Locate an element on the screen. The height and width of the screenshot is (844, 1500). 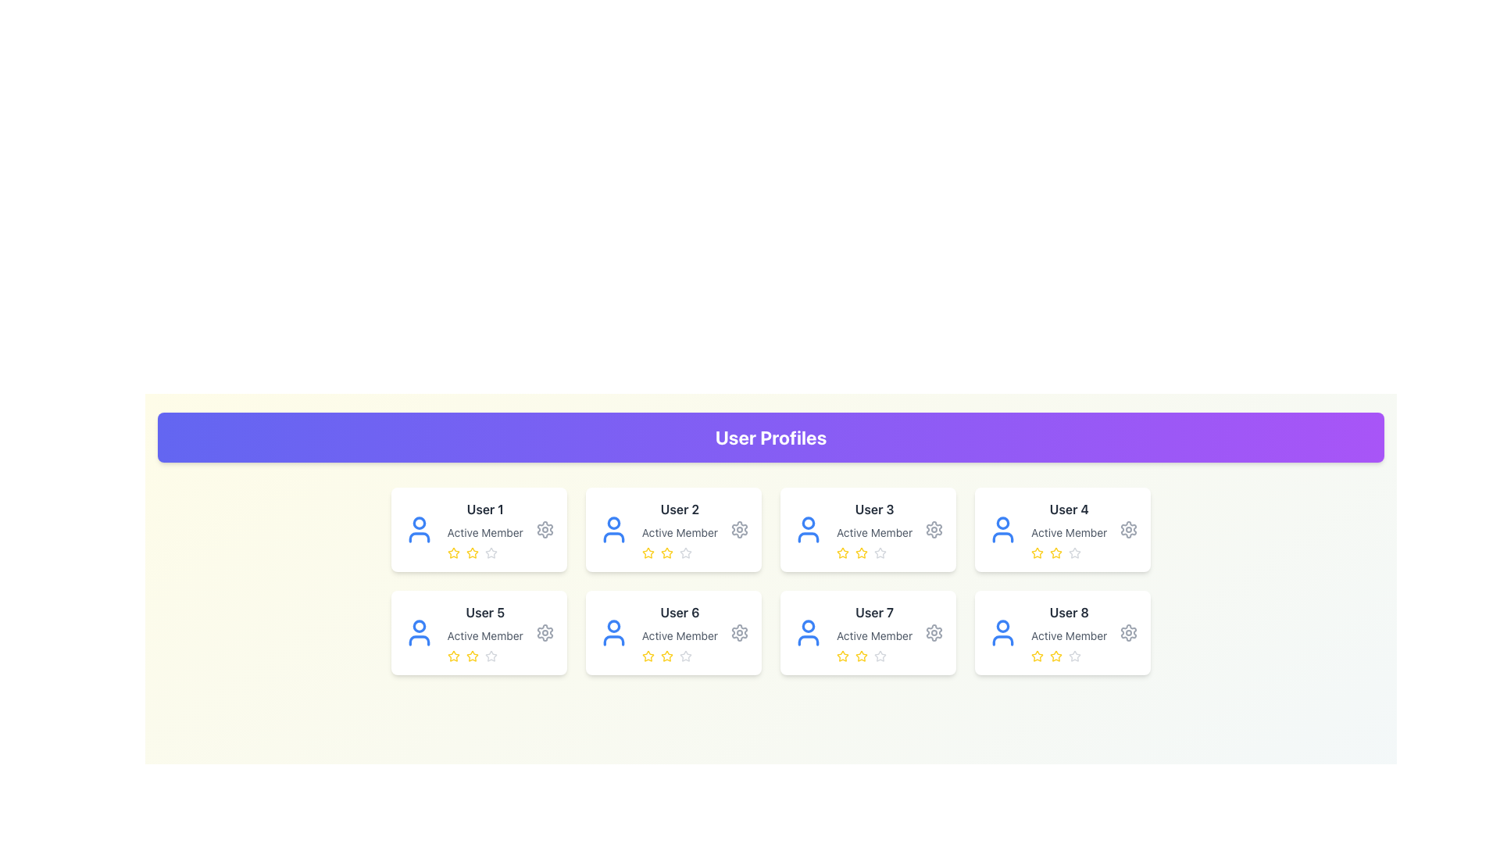
the information displayed on the Profile Card located in the third column of the first row, which includes user name, status description, and rating stars is located at coordinates (1068, 529).